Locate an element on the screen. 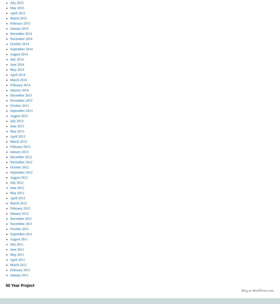 This screenshot has height=304, width=280. 'September 2013' is located at coordinates (21, 110).